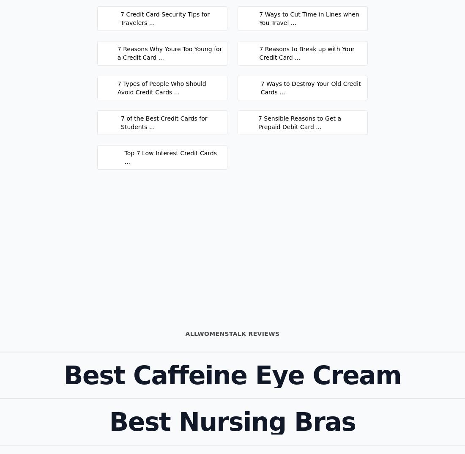 The width and height of the screenshot is (465, 454). Describe the element at coordinates (164, 122) in the screenshot. I see `'7 of the Best Credit Cards for Students ...'` at that location.